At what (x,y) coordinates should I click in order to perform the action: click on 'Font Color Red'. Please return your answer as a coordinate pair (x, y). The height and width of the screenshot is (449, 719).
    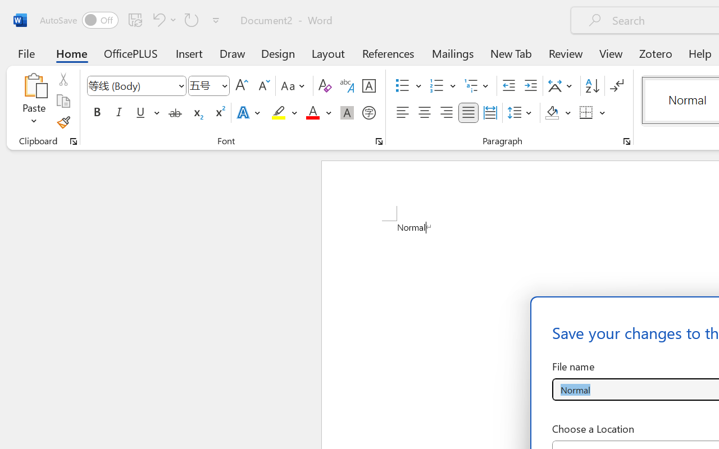
    Looking at the image, I should click on (312, 113).